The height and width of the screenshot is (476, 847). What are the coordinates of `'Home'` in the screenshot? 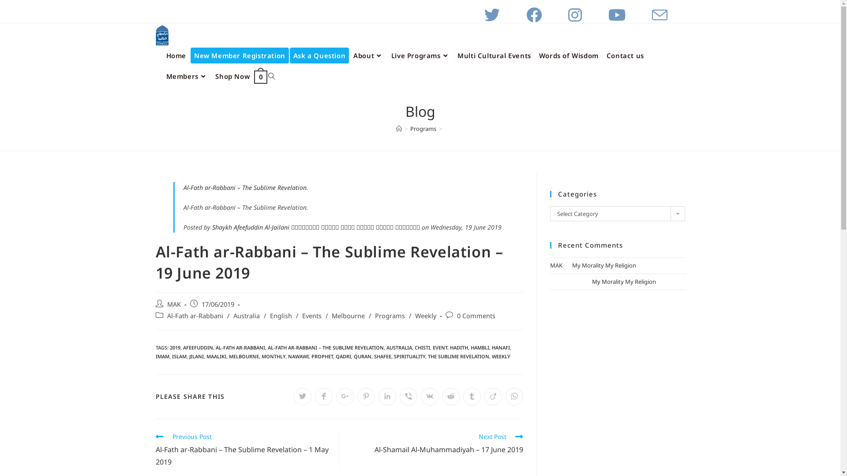 It's located at (176, 56).